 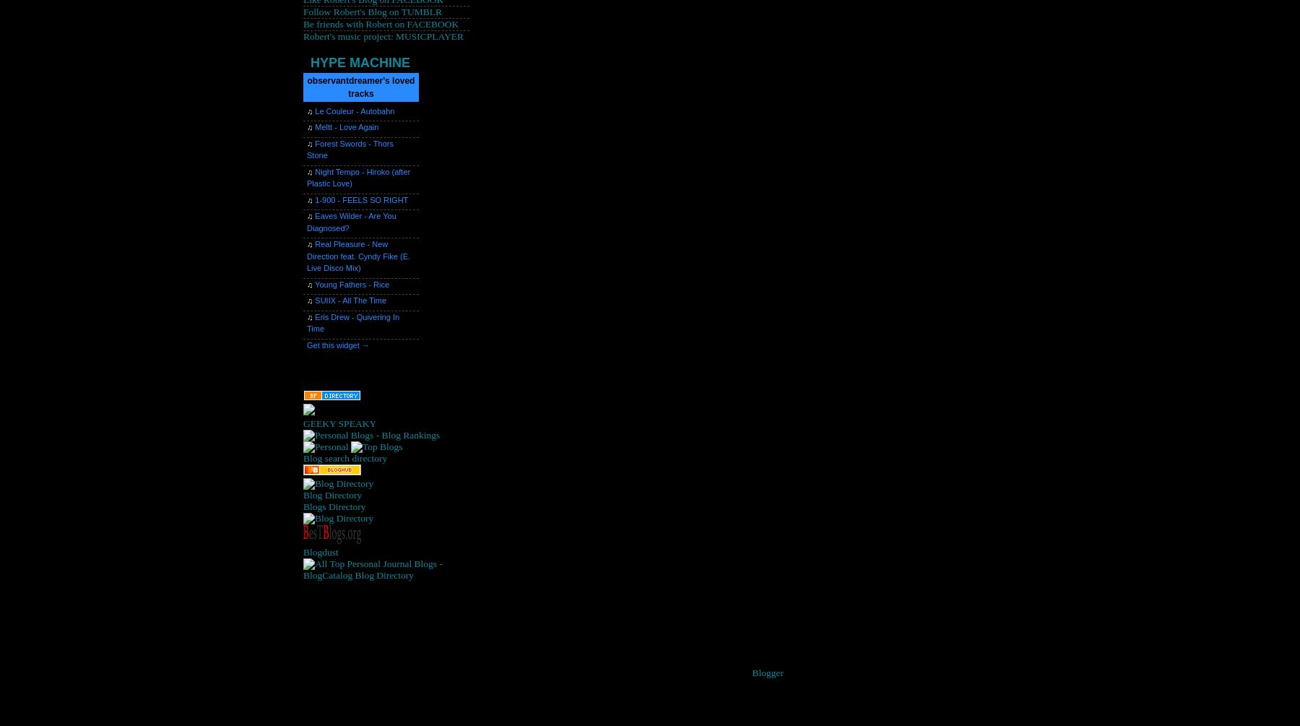 What do you see at coordinates (360, 86) in the screenshot?
I see `'observantdreamer's loved tracks'` at bounding box center [360, 86].